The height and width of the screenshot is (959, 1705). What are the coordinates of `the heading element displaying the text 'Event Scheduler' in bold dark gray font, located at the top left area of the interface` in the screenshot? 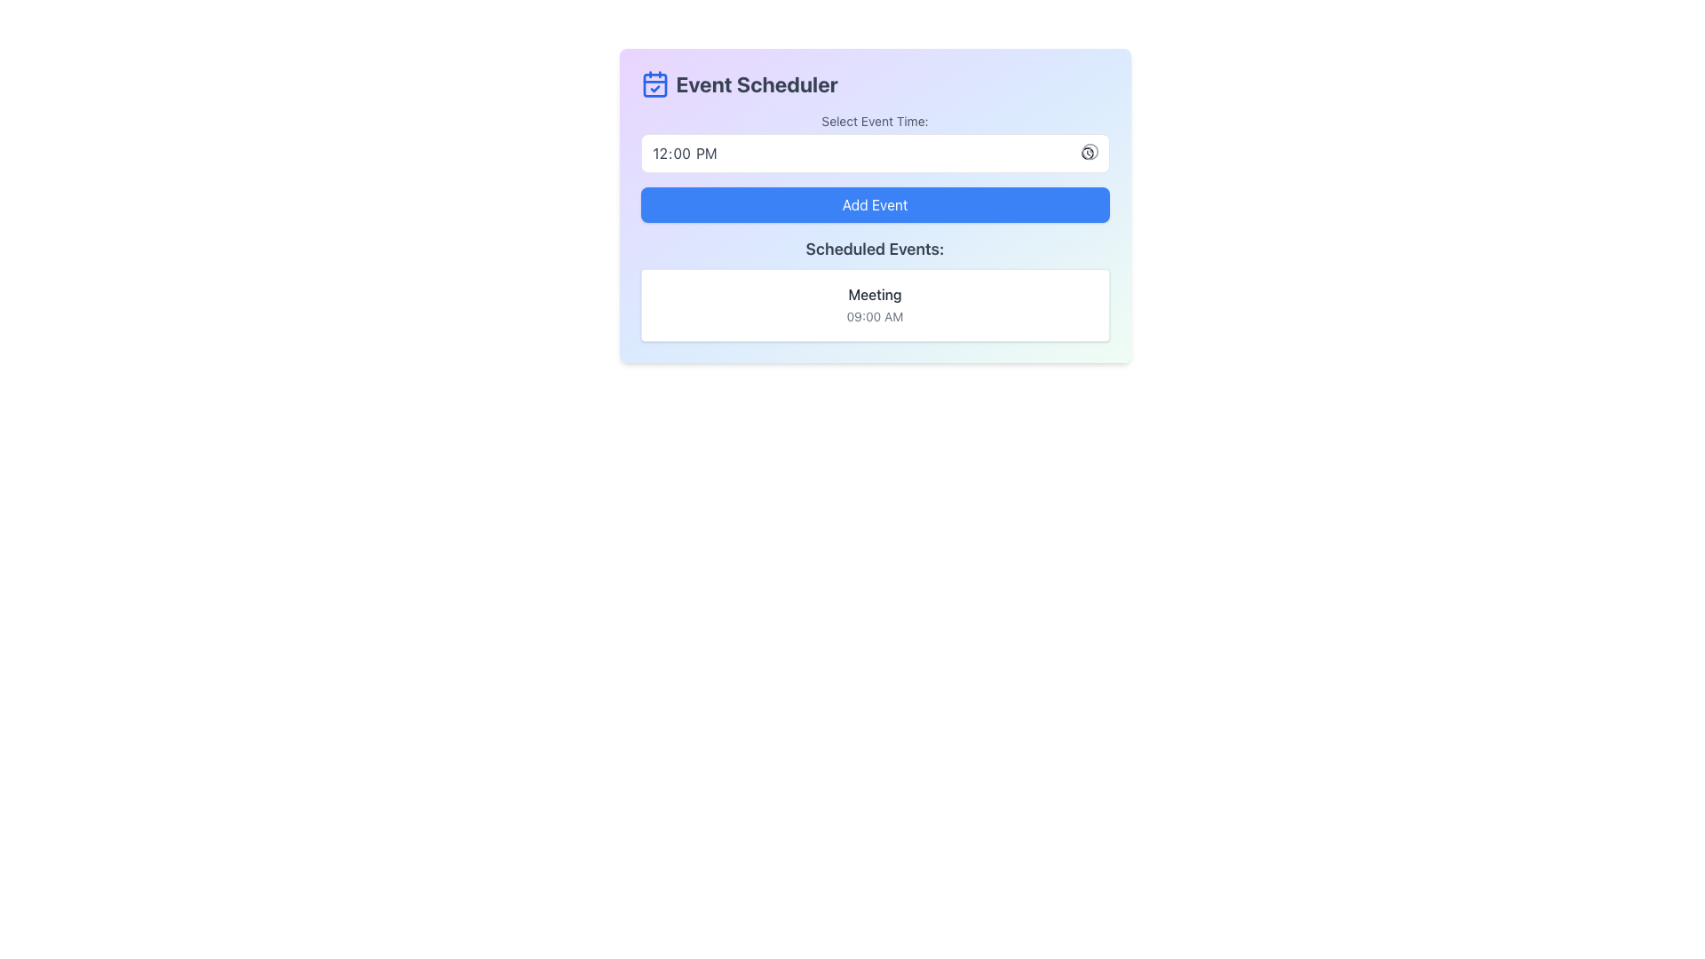 It's located at (757, 84).